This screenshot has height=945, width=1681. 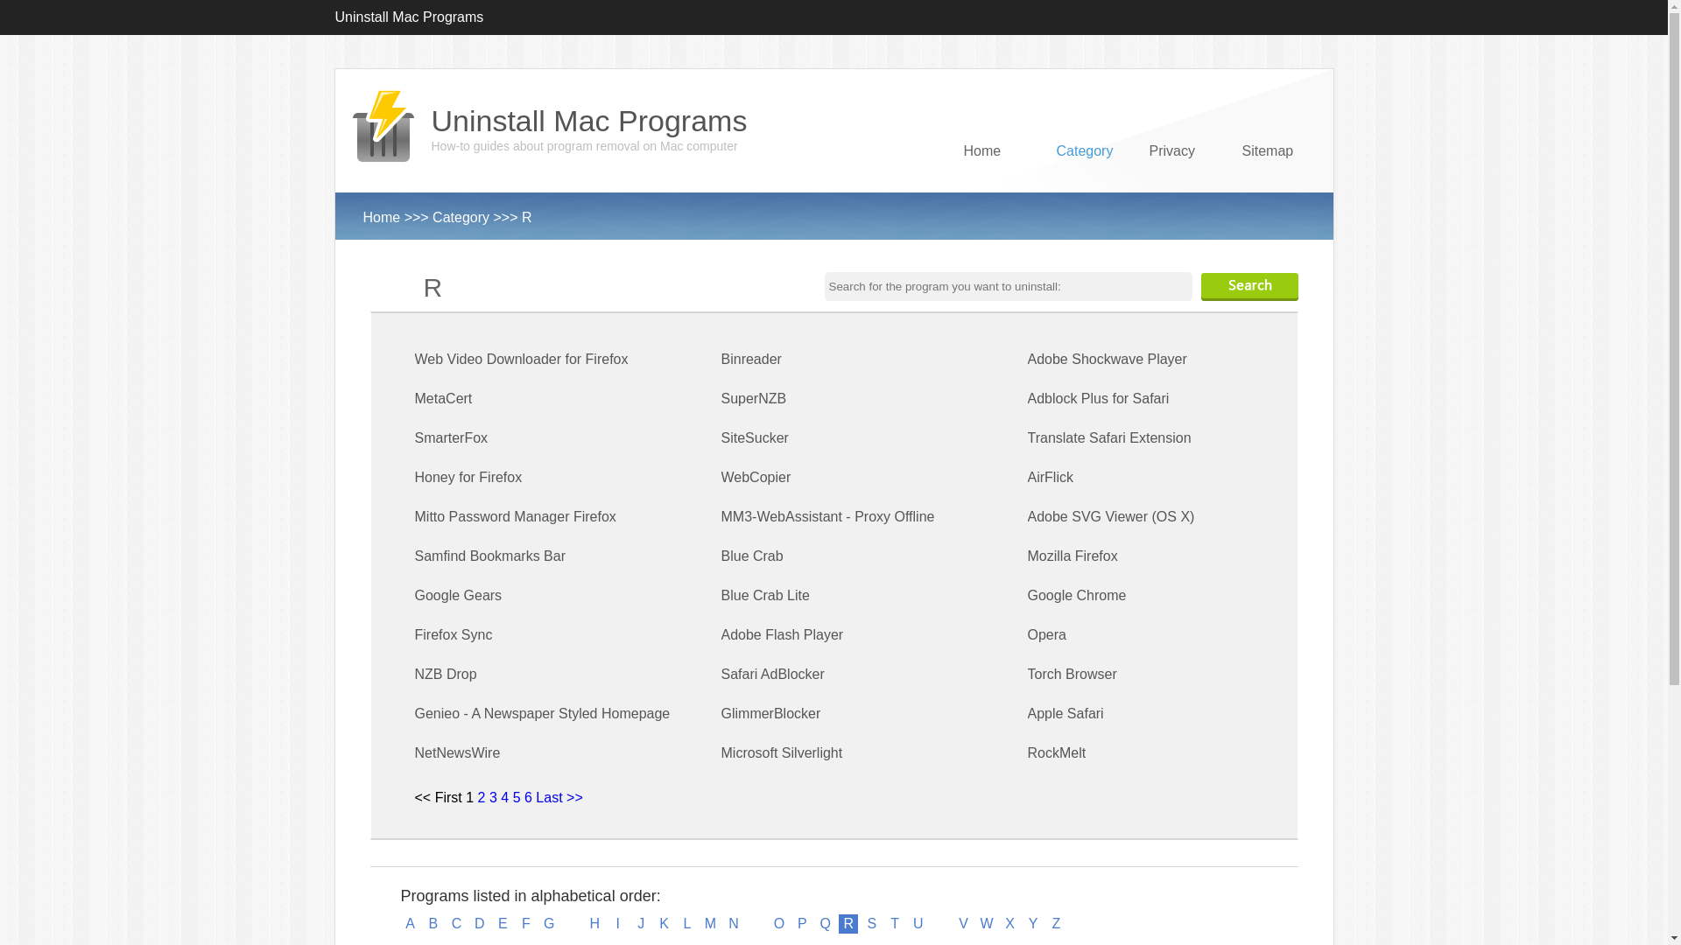 What do you see at coordinates (454, 634) in the screenshot?
I see `'Firefox Sync'` at bounding box center [454, 634].